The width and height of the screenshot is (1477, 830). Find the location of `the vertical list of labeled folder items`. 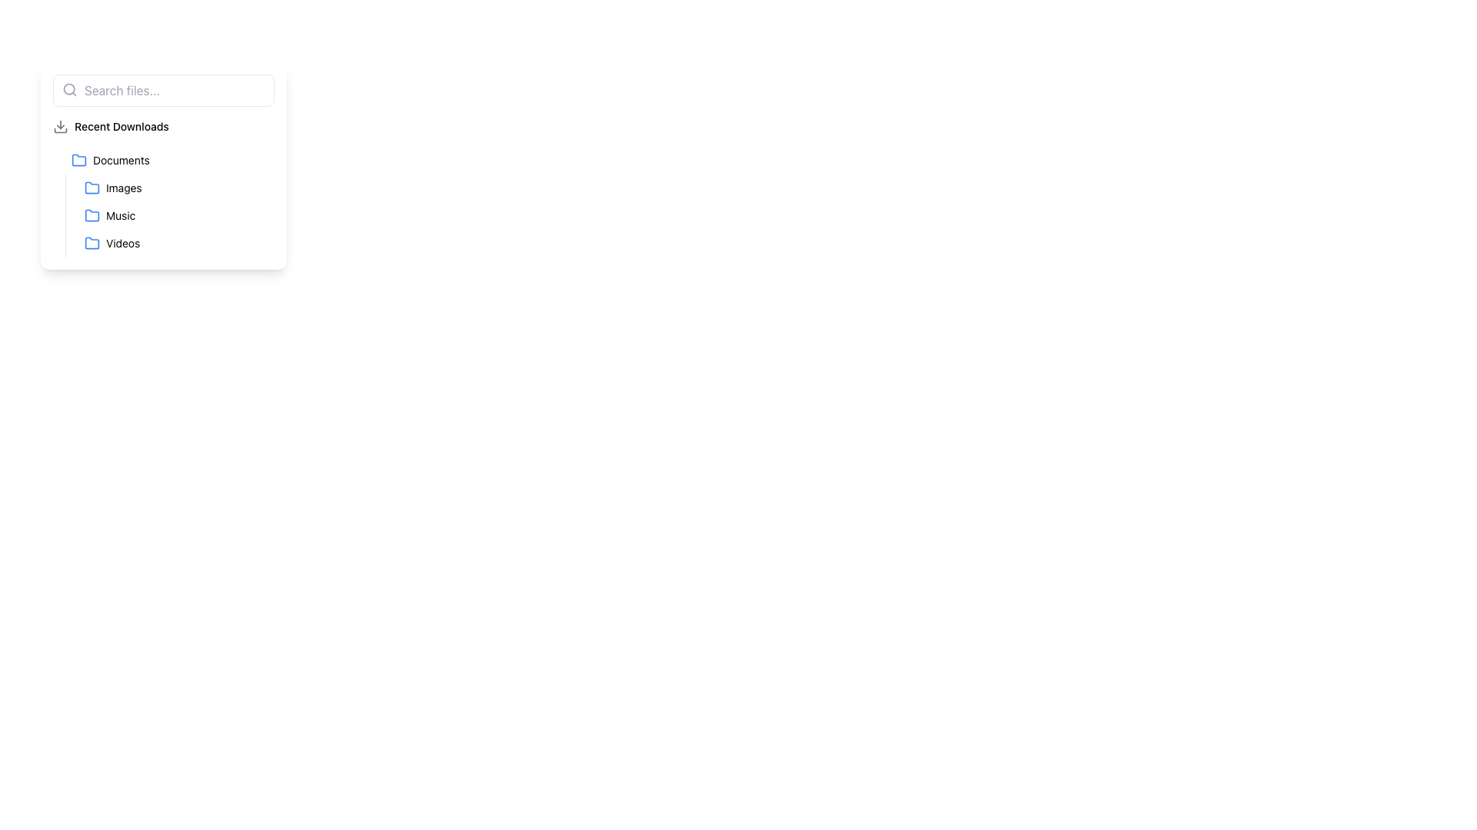

the vertical list of labeled folder items is located at coordinates (163, 166).